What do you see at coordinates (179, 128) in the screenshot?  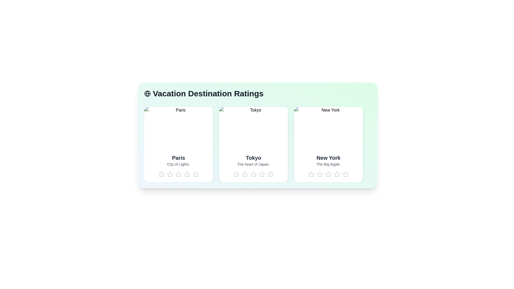 I see `the image of the destination Paris to view it` at bounding box center [179, 128].